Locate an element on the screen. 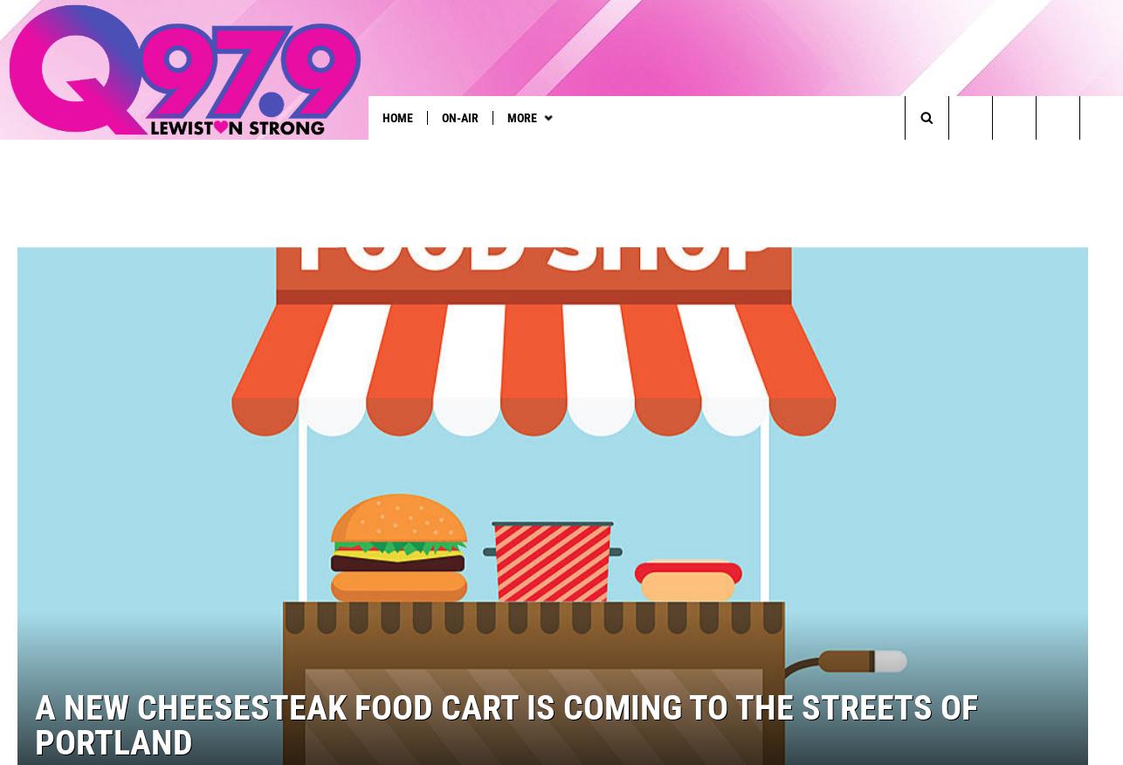  'Townsquare Talent' is located at coordinates (625, 153).